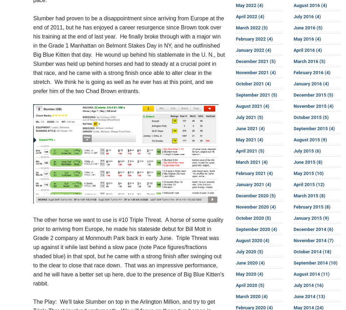 This screenshot has width=346, height=310. I want to click on 'June 2014 (13)', so click(309, 296).